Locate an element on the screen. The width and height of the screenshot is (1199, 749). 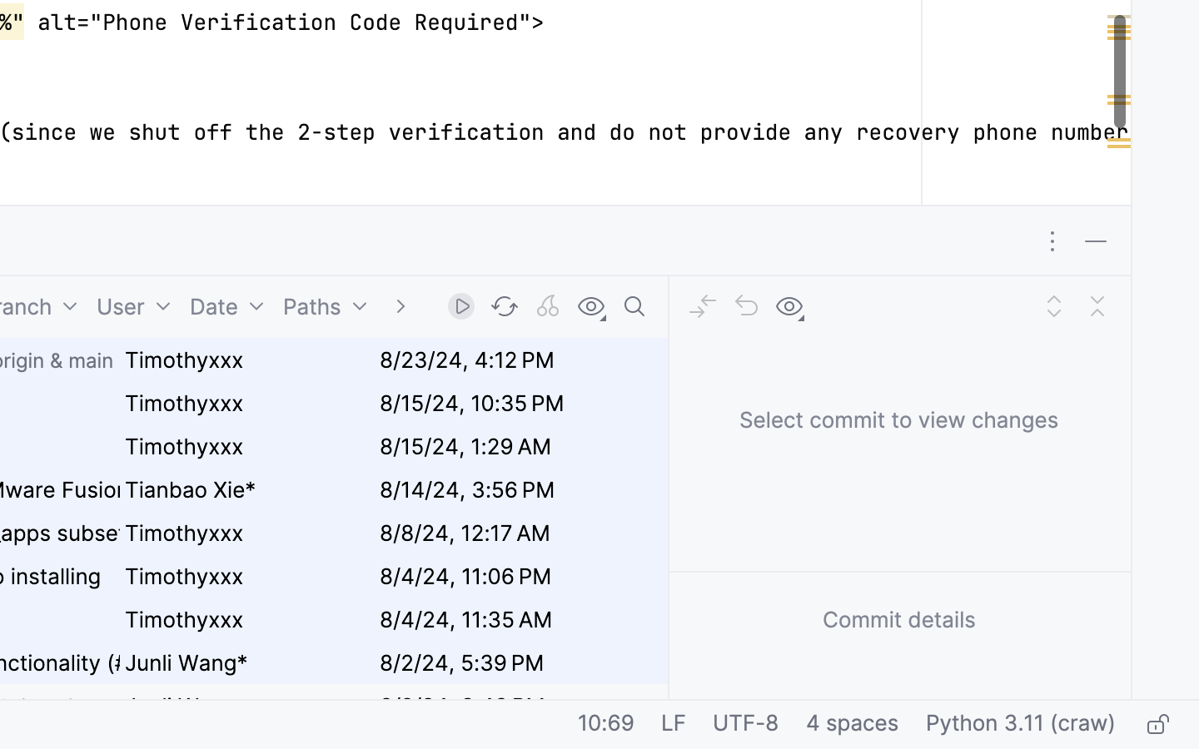
'Python 3.11 (craw)' is located at coordinates (1020, 725).